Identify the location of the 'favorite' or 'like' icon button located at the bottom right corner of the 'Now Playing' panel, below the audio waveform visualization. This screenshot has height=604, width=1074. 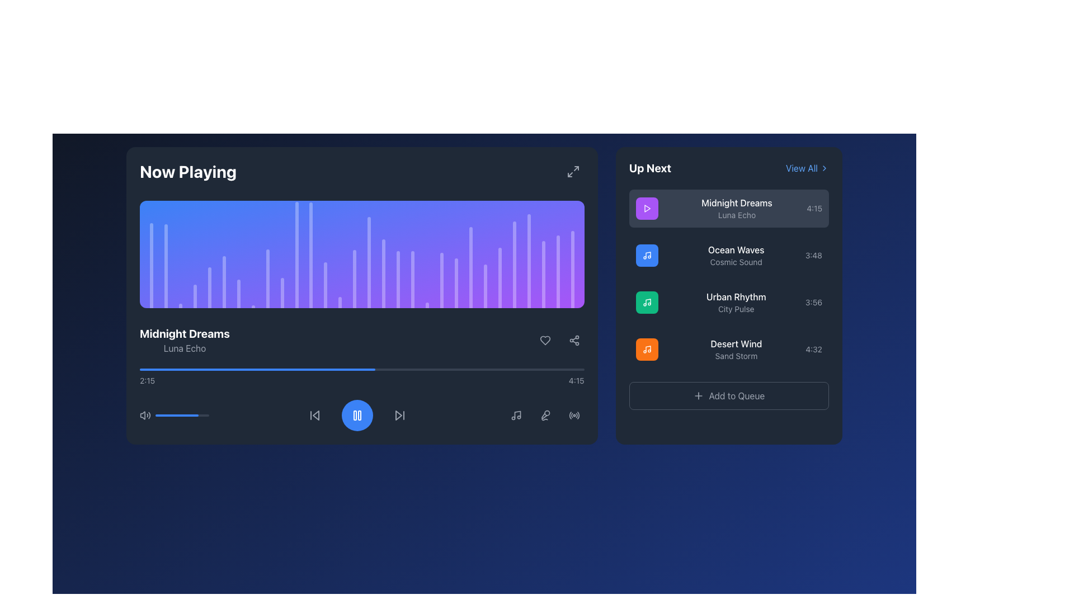
(545, 340).